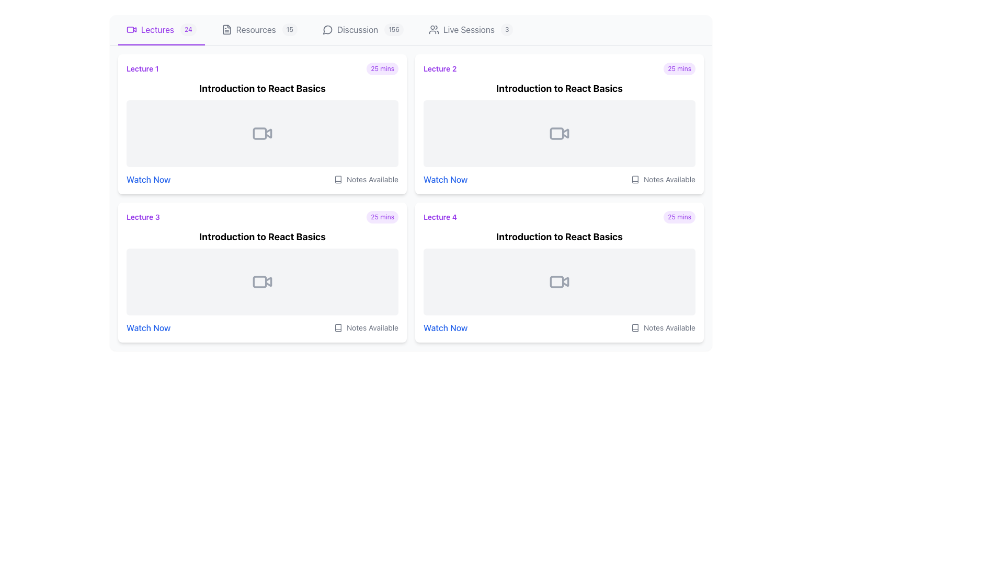 This screenshot has height=564, width=1004. Describe the element at coordinates (440, 68) in the screenshot. I see `text of the title label for the second lecture located in the first column of the grid layout` at that location.